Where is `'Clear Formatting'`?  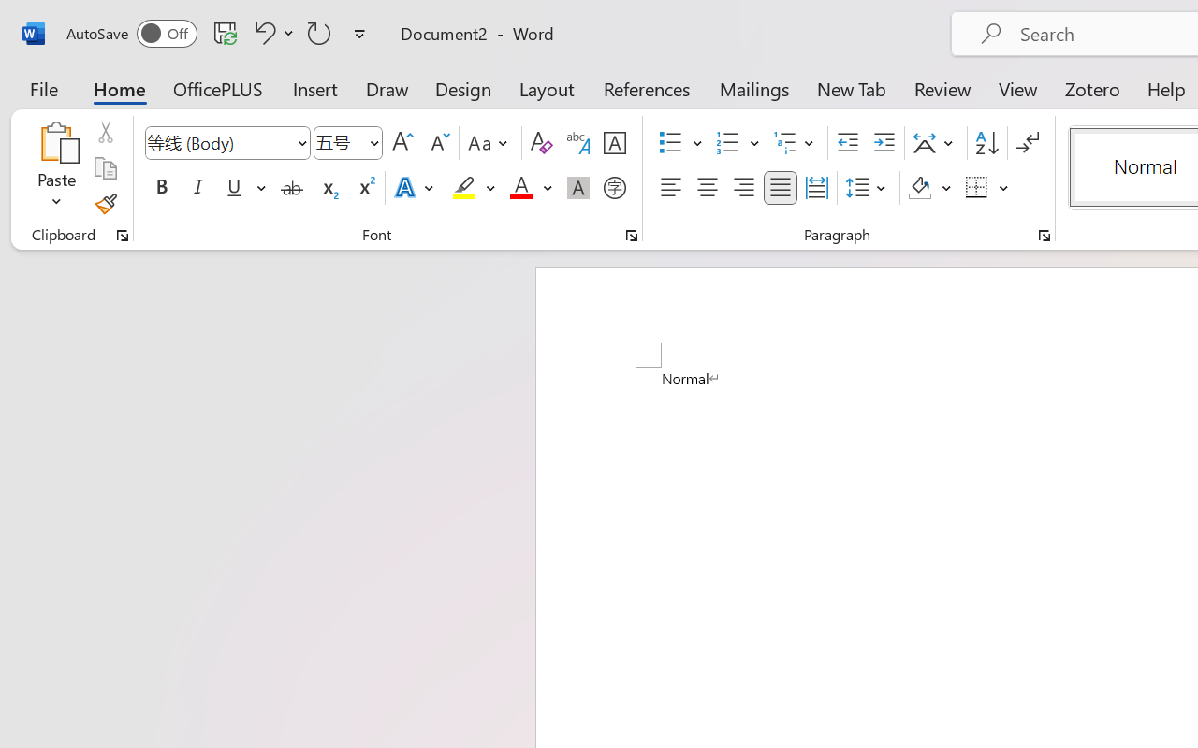
'Clear Formatting' is located at coordinates (540, 143).